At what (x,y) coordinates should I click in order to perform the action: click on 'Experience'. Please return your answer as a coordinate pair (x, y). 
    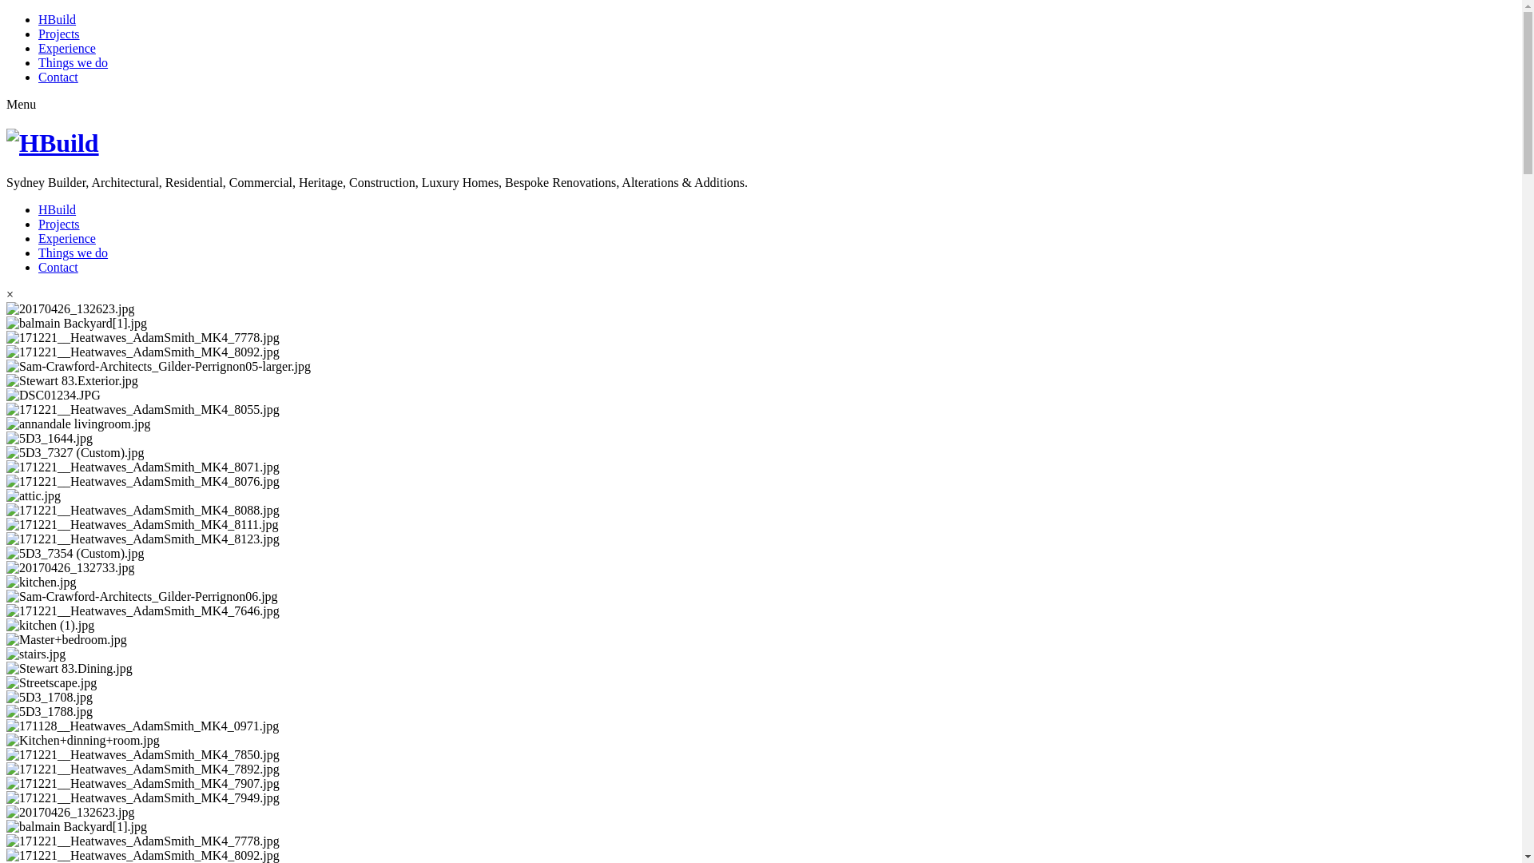
    Looking at the image, I should click on (66, 47).